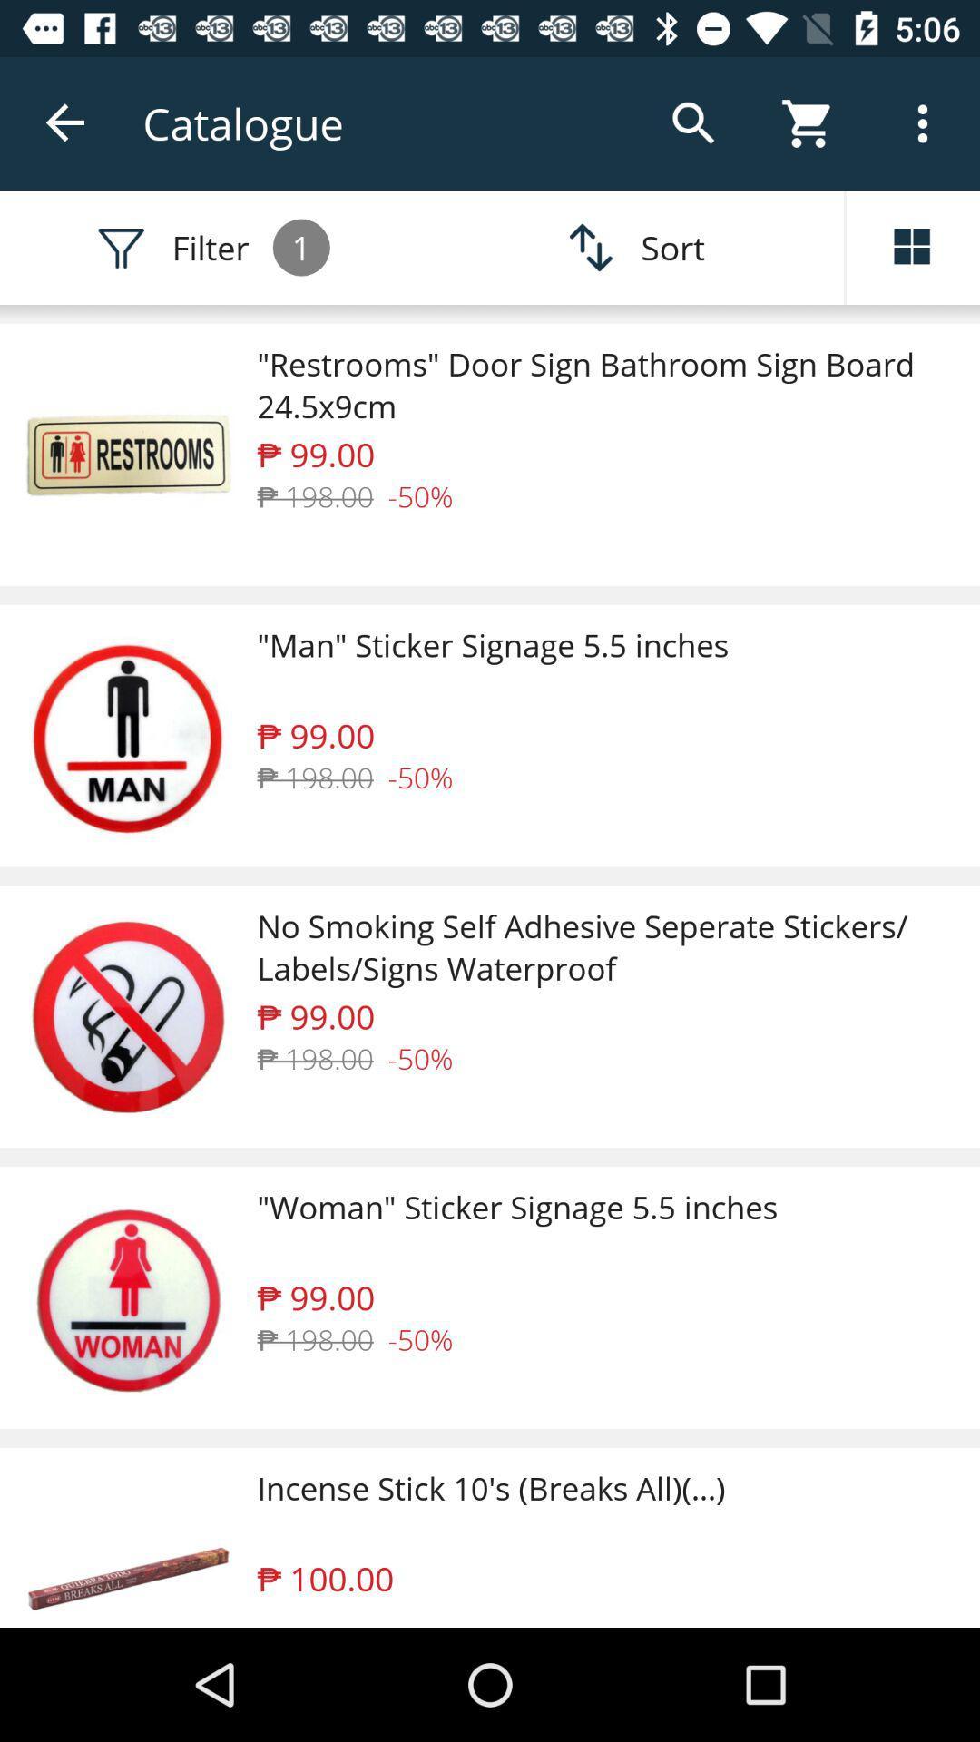  Describe the element at coordinates (65, 122) in the screenshot. I see `the item above filter` at that location.